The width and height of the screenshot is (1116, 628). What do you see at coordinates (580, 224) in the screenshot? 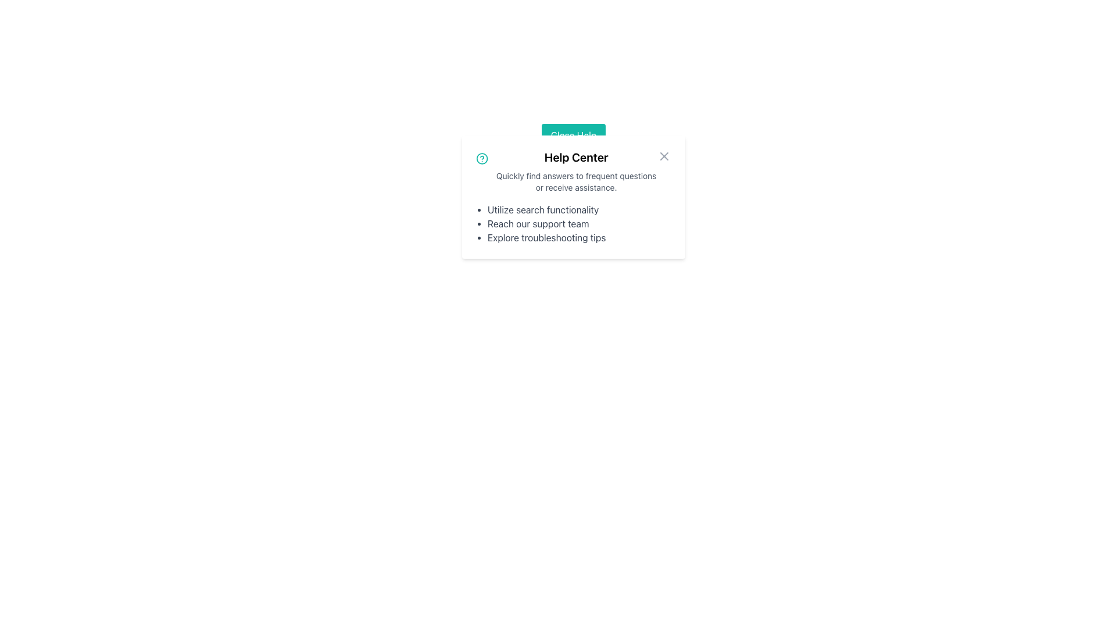
I see `the text display reading 'Reach our support team' styled in gray font, which is the second item in the bulleted list under the 'Help Center' section` at bounding box center [580, 224].